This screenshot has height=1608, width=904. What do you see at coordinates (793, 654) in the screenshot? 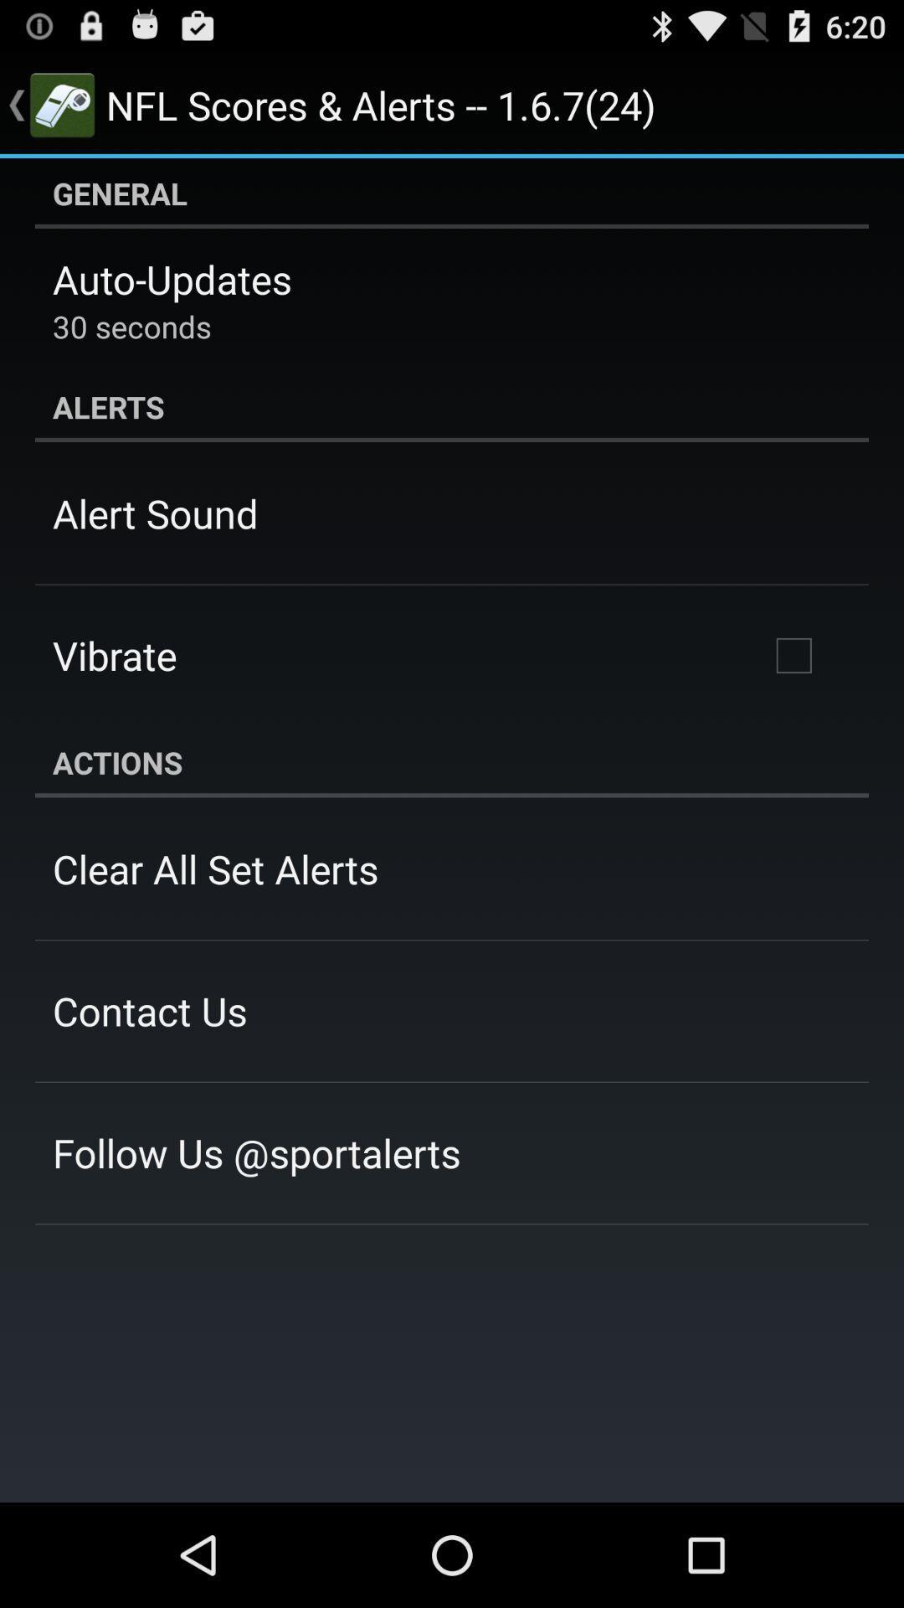
I see `item below the alerts` at bounding box center [793, 654].